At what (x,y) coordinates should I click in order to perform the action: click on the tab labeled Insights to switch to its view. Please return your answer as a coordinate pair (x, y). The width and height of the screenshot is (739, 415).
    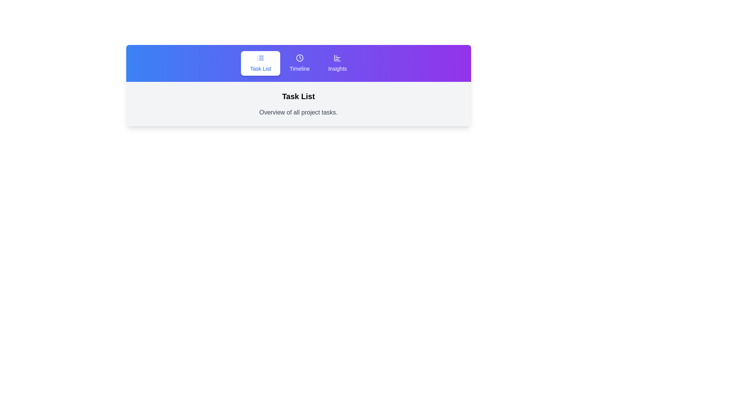
    Looking at the image, I should click on (337, 63).